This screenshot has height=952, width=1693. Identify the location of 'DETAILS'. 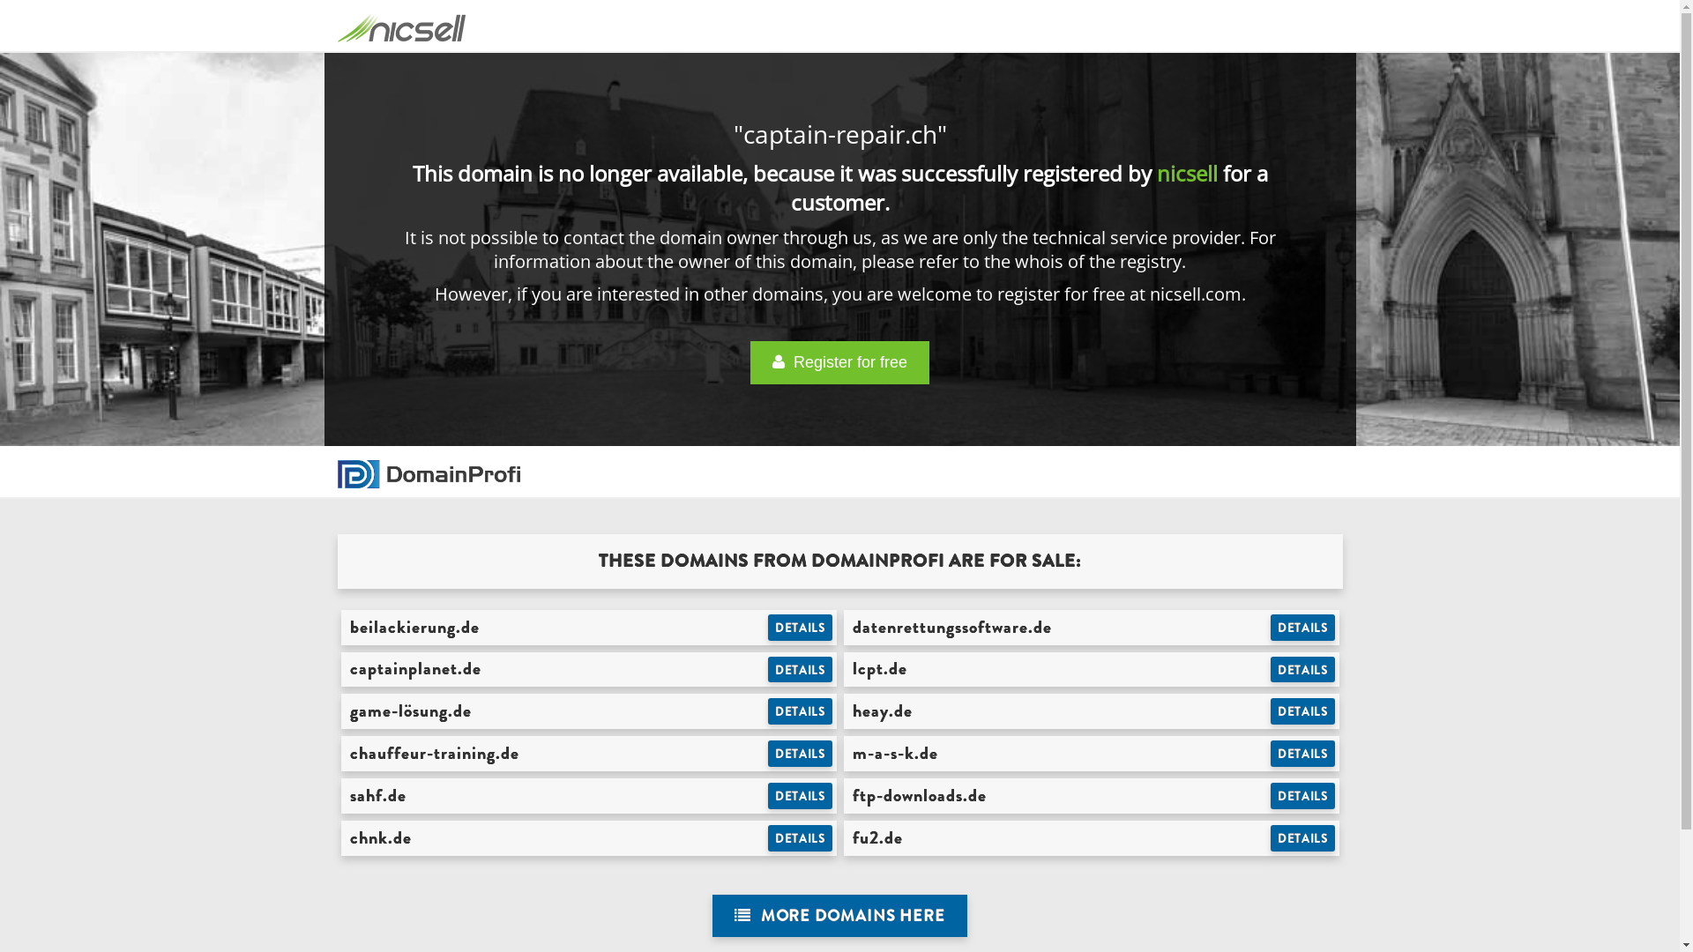
(1270, 710).